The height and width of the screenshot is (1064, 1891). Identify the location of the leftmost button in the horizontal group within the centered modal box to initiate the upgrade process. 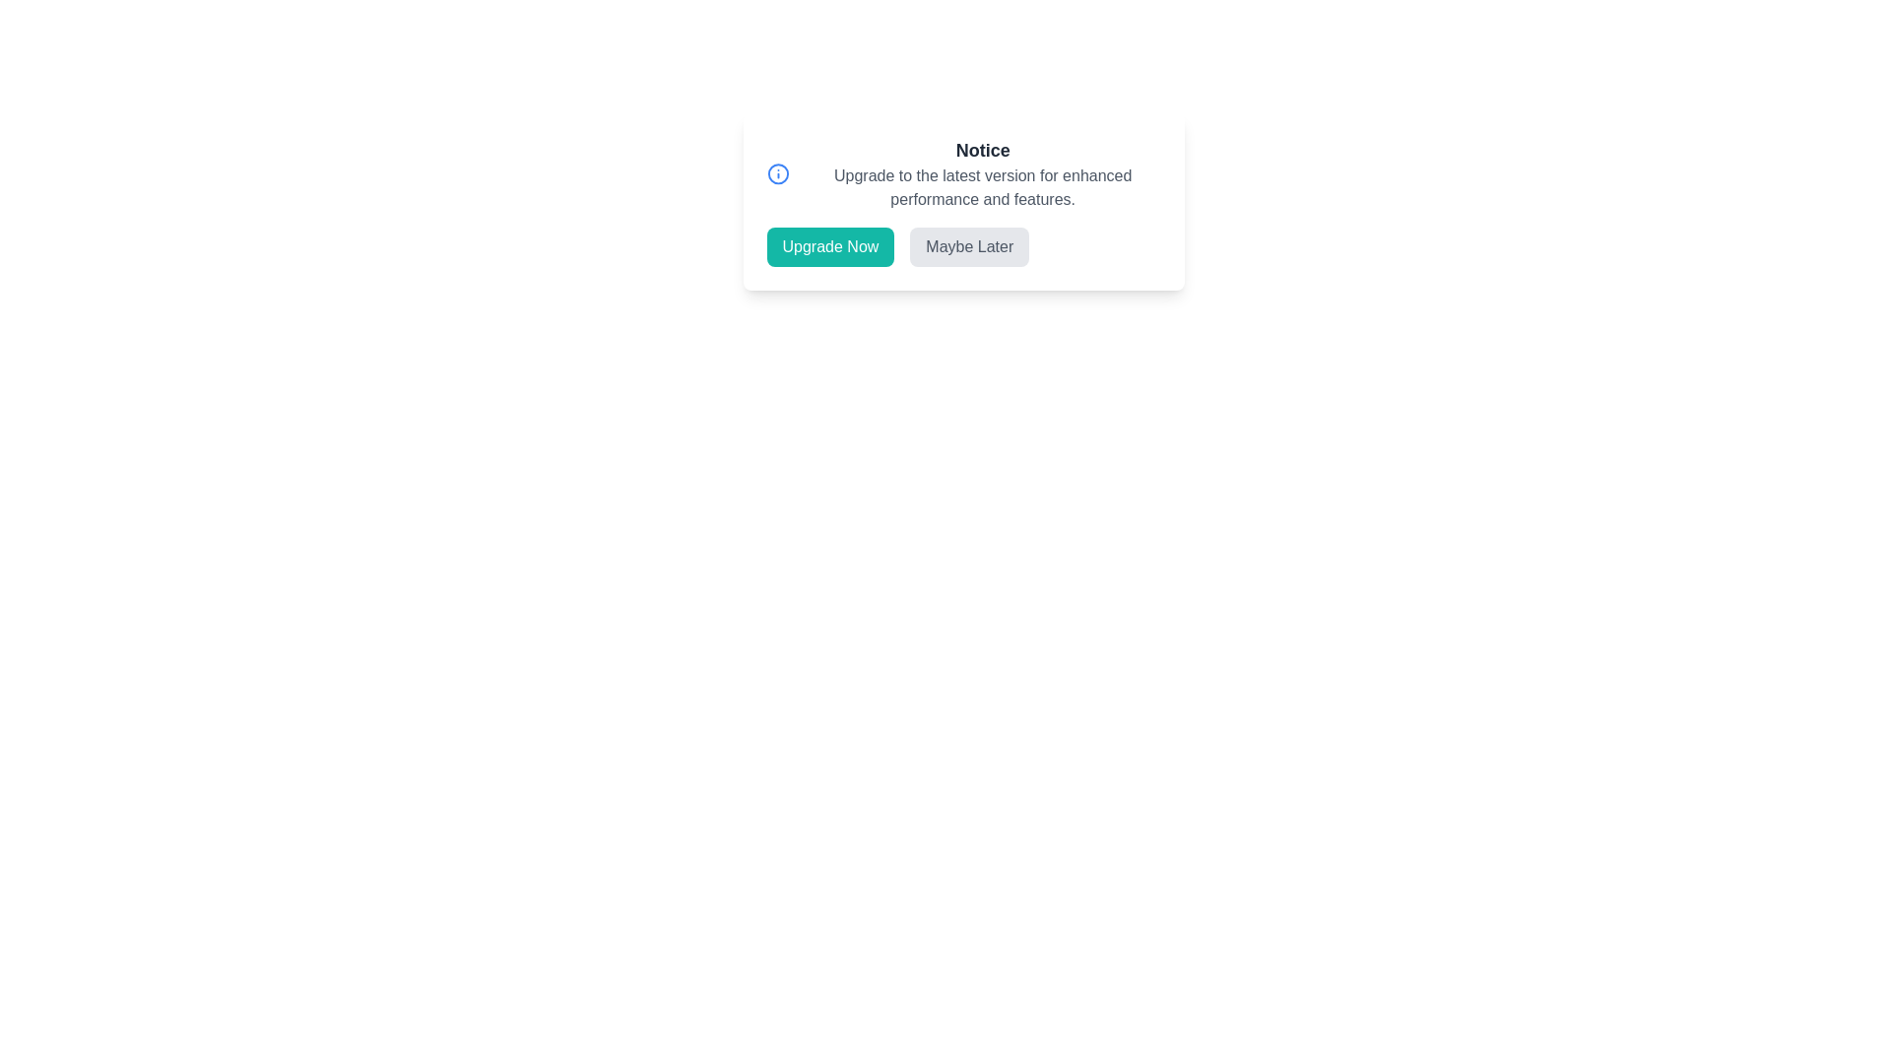
(830, 245).